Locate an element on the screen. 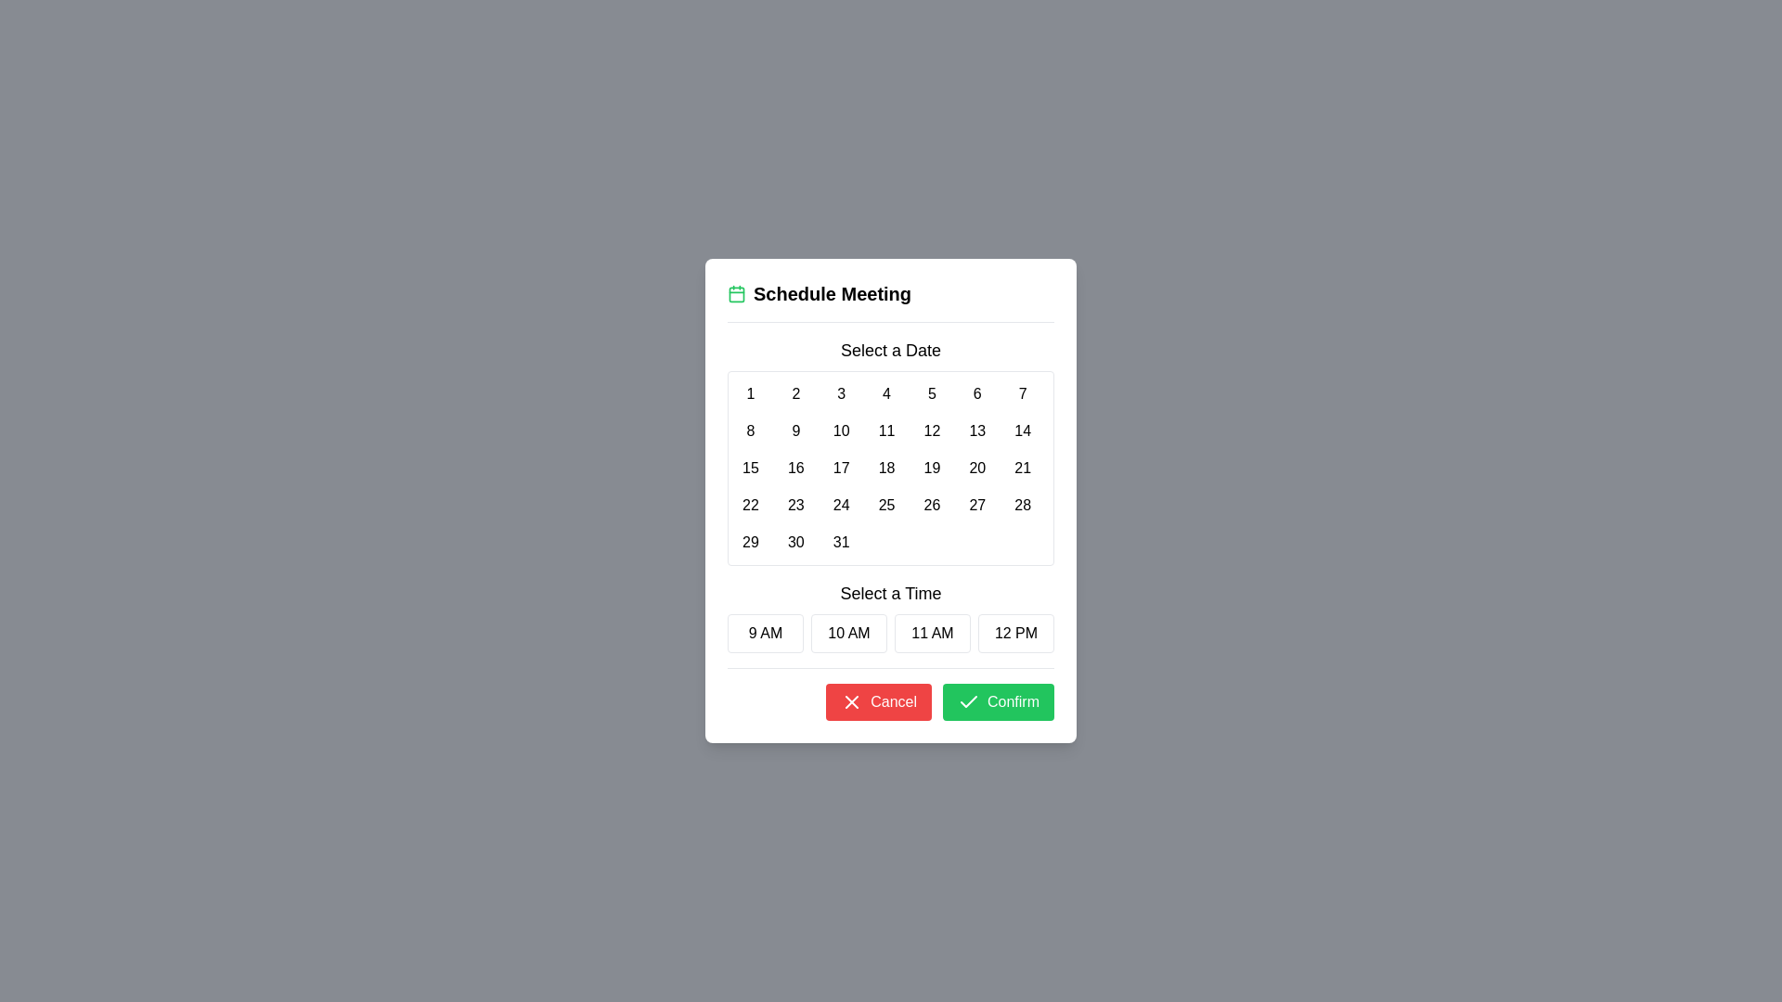 The width and height of the screenshot is (1782, 1002). the '12 PM' button, which is a rectangular button with a white background and bold black text is located at coordinates (1014, 632).